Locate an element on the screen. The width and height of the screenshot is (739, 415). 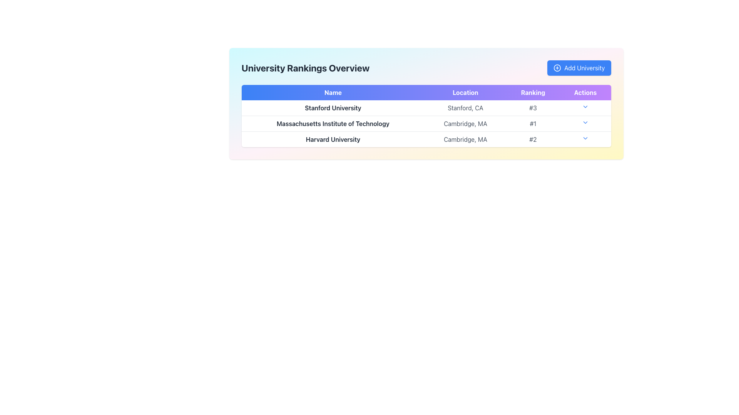
the text element displaying 'Cambridge, MA' located in the third row of the table, within the 'Location' column is located at coordinates (465, 139).